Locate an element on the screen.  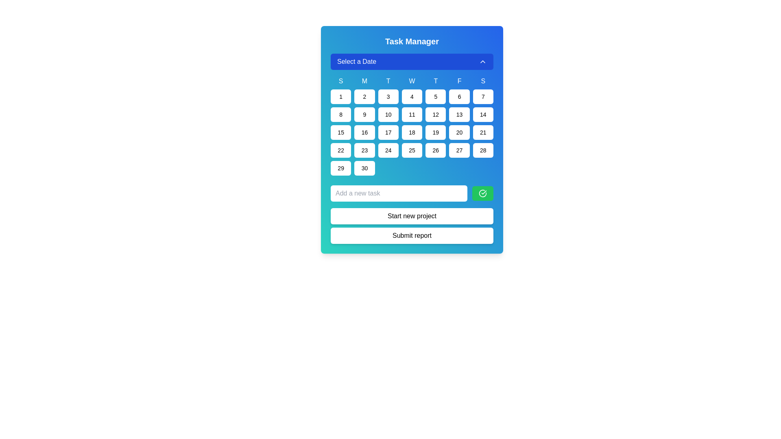
the small rectangular button labeled '5' in the first row of the calendar grid is located at coordinates (435, 96).